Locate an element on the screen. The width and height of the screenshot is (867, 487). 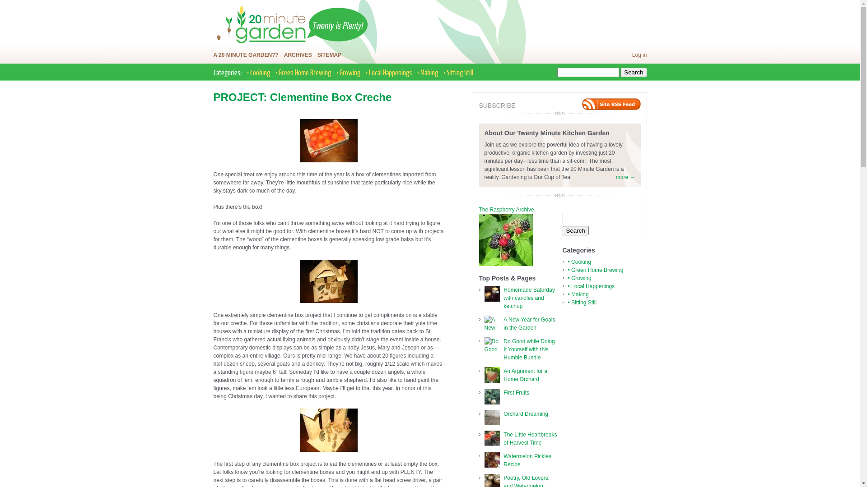
'A New Year for Goals in the Garden' is located at coordinates (529, 323).